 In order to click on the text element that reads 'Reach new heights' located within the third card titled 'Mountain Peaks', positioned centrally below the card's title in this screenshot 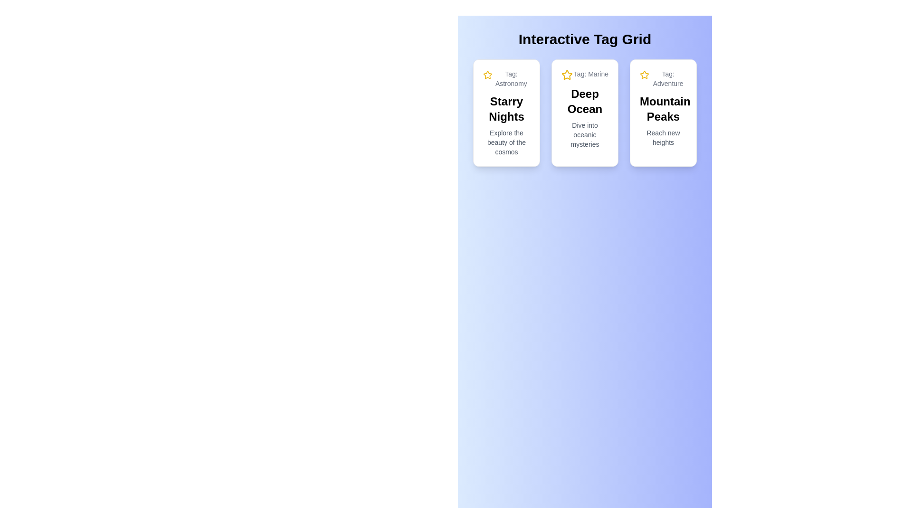, I will do `click(663, 137)`.